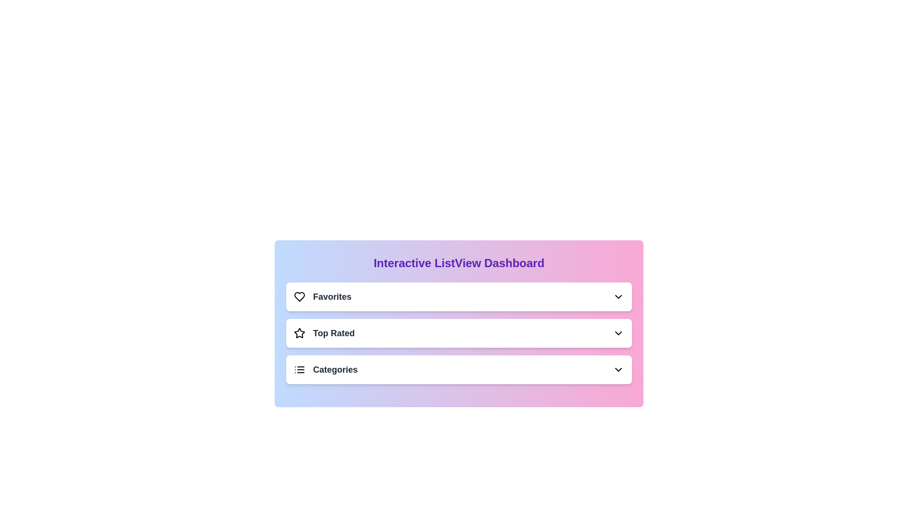 The width and height of the screenshot is (922, 518). What do you see at coordinates (299, 332) in the screenshot?
I see `the icon corresponding to Top Rated in the list` at bounding box center [299, 332].